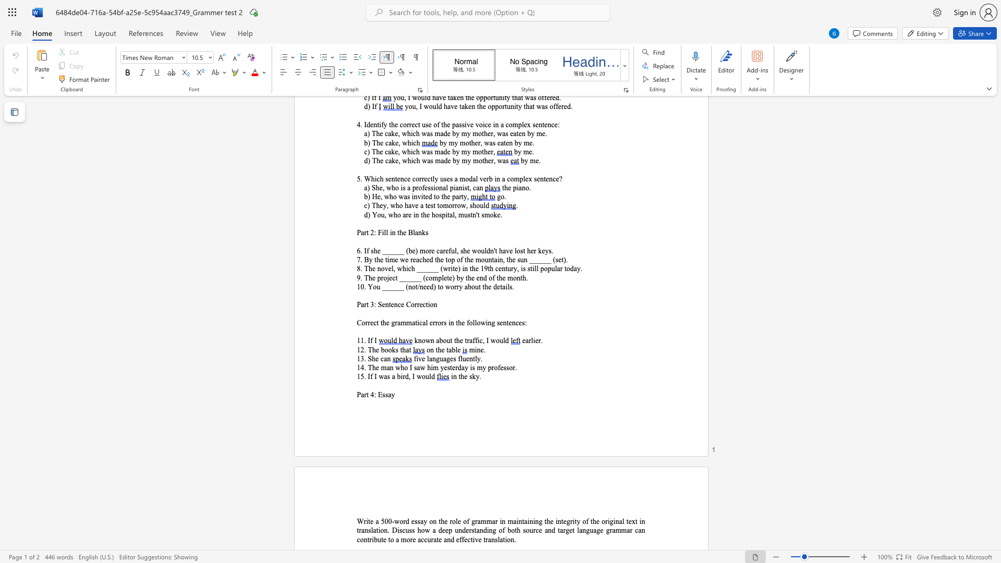 The image size is (1001, 563). What do you see at coordinates (439, 340) in the screenshot?
I see `the space between the continuous character "a" and "b" in the text` at bounding box center [439, 340].